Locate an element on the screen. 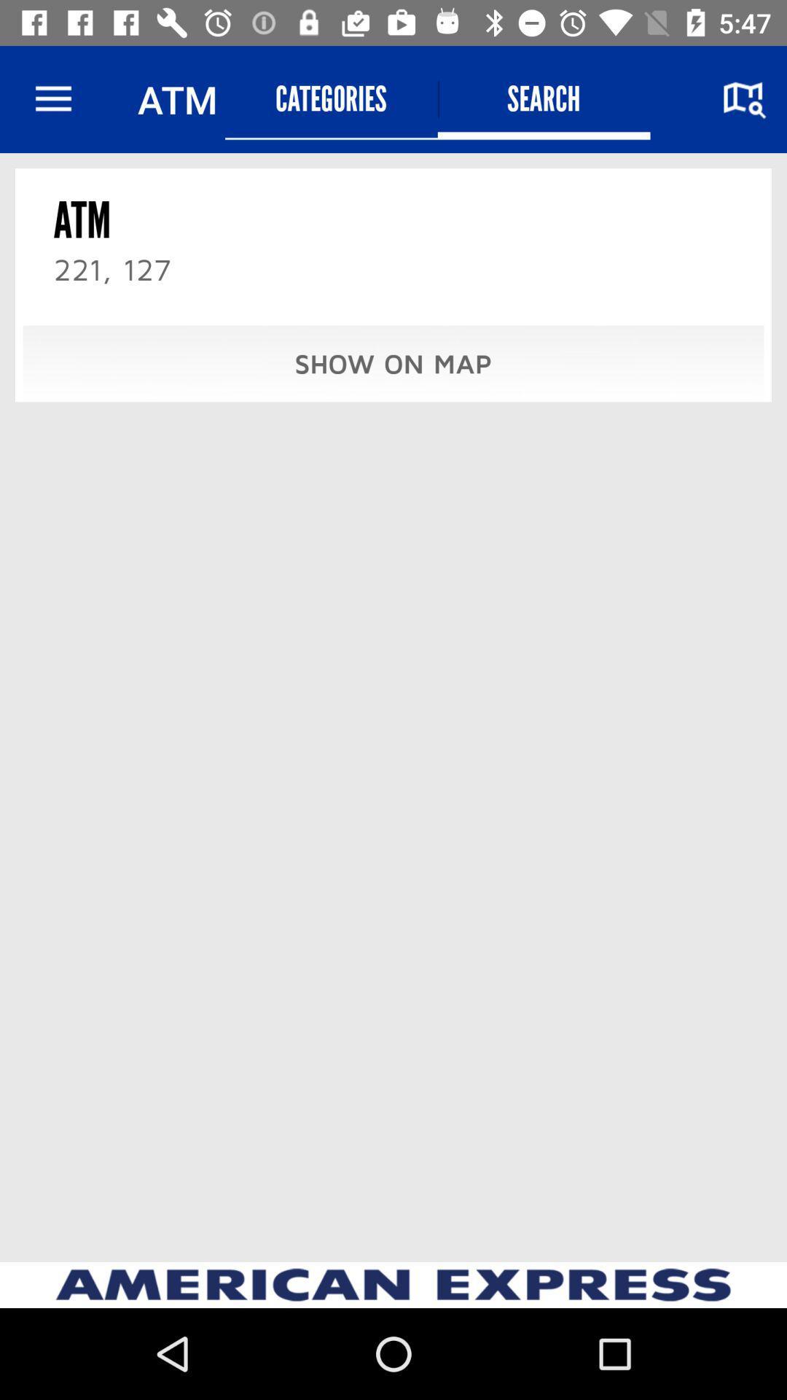 The width and height of the screenshot is (787, 1400). item next to the atm item is located at coordinates (331, 98).